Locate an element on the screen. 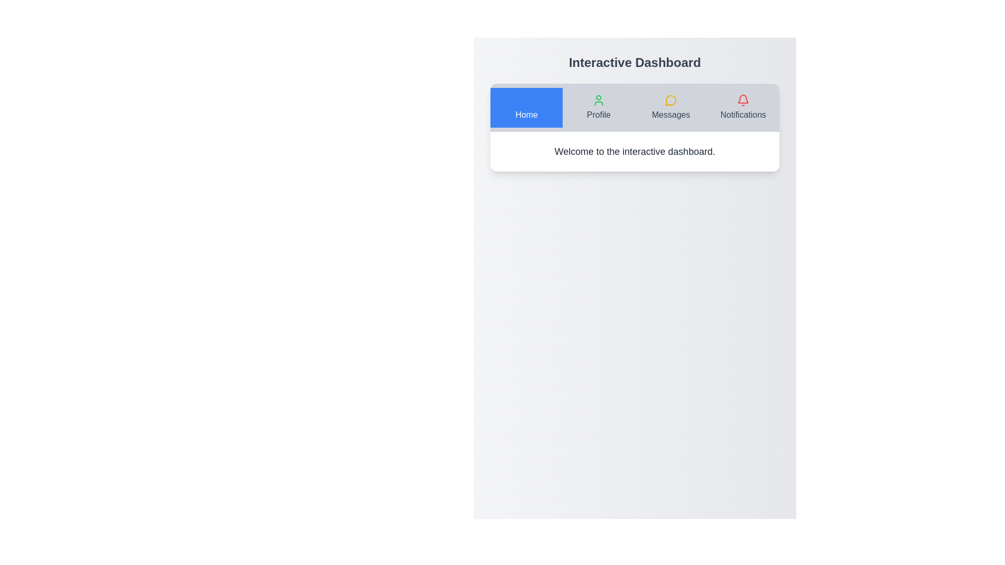 The width and height of the screenshot is (1005, 565). the 'Profile' Text Label located in the navigation bar, positioned to the immediate right of the 'Home' button and below a user silhouette icon is located at coordinates (598, 115).